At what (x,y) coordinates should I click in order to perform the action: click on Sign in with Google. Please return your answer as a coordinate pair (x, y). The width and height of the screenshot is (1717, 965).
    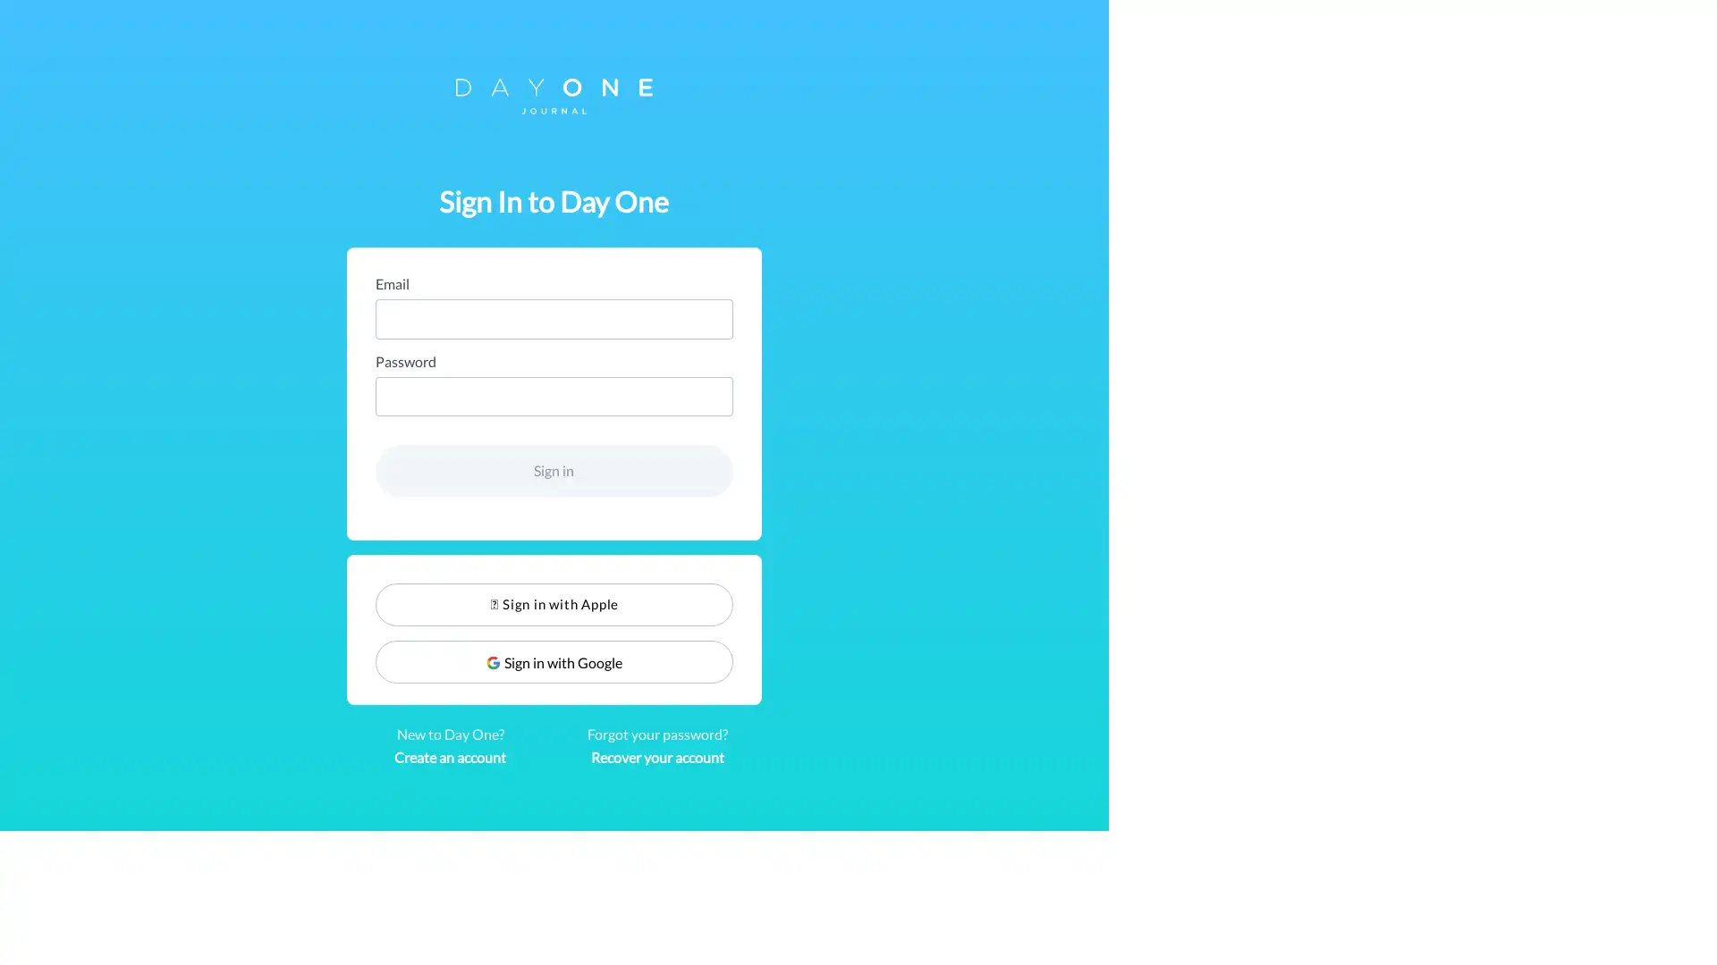
    Looking at the image, I should click on (858, 661).